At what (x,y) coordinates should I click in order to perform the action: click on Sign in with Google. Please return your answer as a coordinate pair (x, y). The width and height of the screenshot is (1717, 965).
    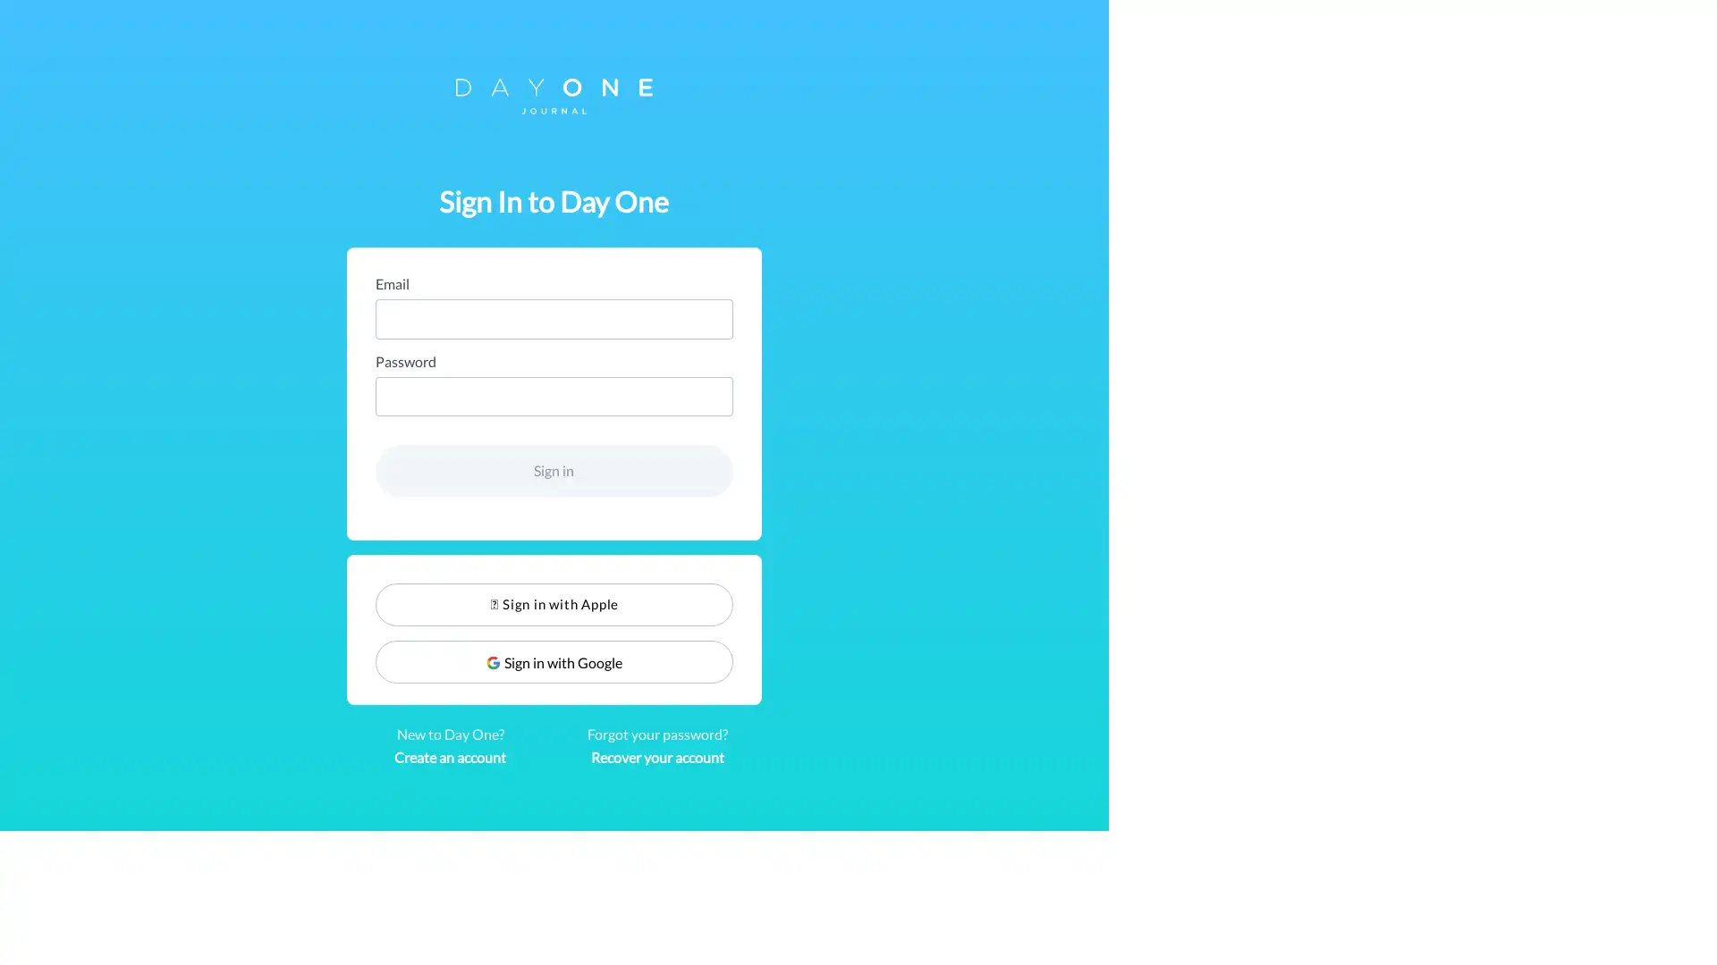
    Looking at the image, I should click on (858, 661).